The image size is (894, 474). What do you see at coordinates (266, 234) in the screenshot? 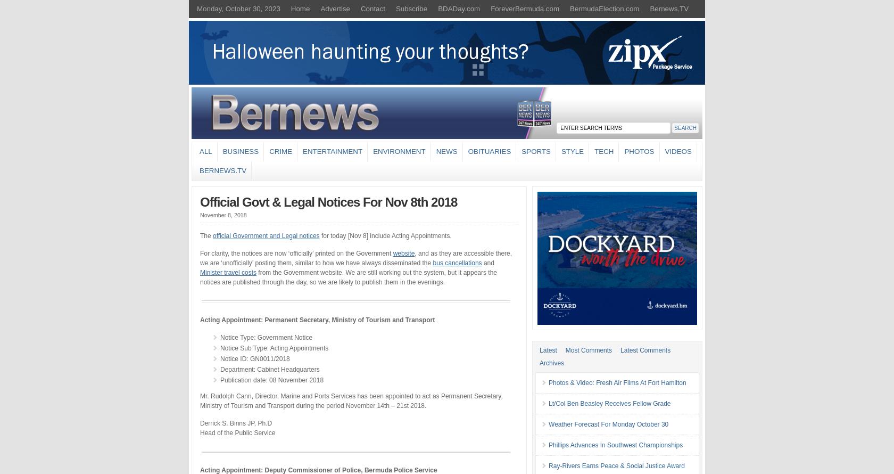
I see `'official Government and Legal notices'` at bounding box center [266, 234].